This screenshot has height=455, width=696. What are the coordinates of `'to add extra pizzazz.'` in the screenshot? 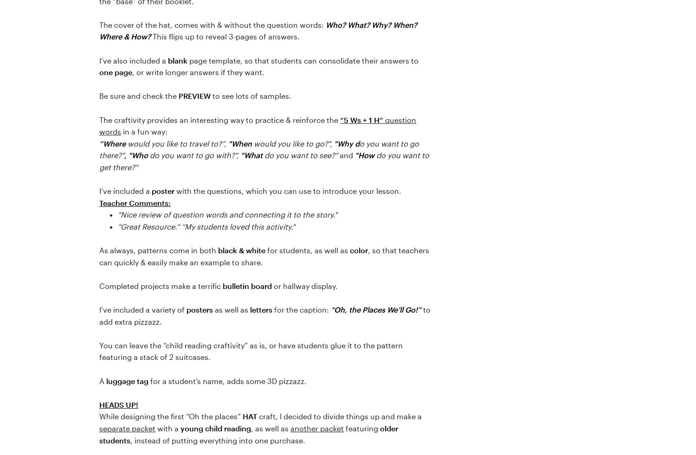 It's located at (264, 315).